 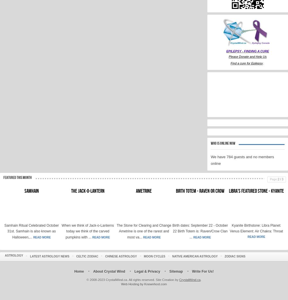 What do you see at coordinates (154, 256) in the screenshot?
I see `'Moon Cycles'` at bounding box center [154, 256].